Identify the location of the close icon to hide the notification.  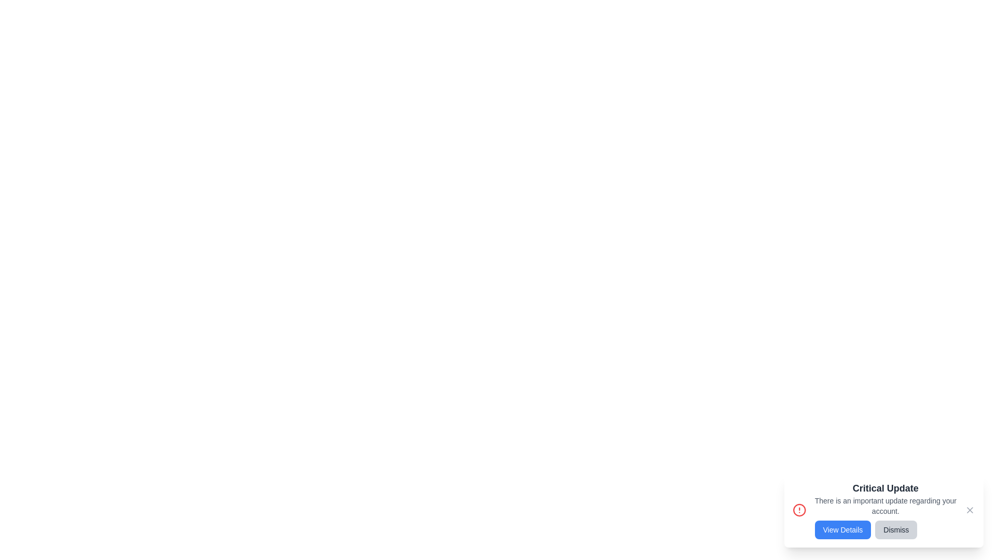
(970, 509).